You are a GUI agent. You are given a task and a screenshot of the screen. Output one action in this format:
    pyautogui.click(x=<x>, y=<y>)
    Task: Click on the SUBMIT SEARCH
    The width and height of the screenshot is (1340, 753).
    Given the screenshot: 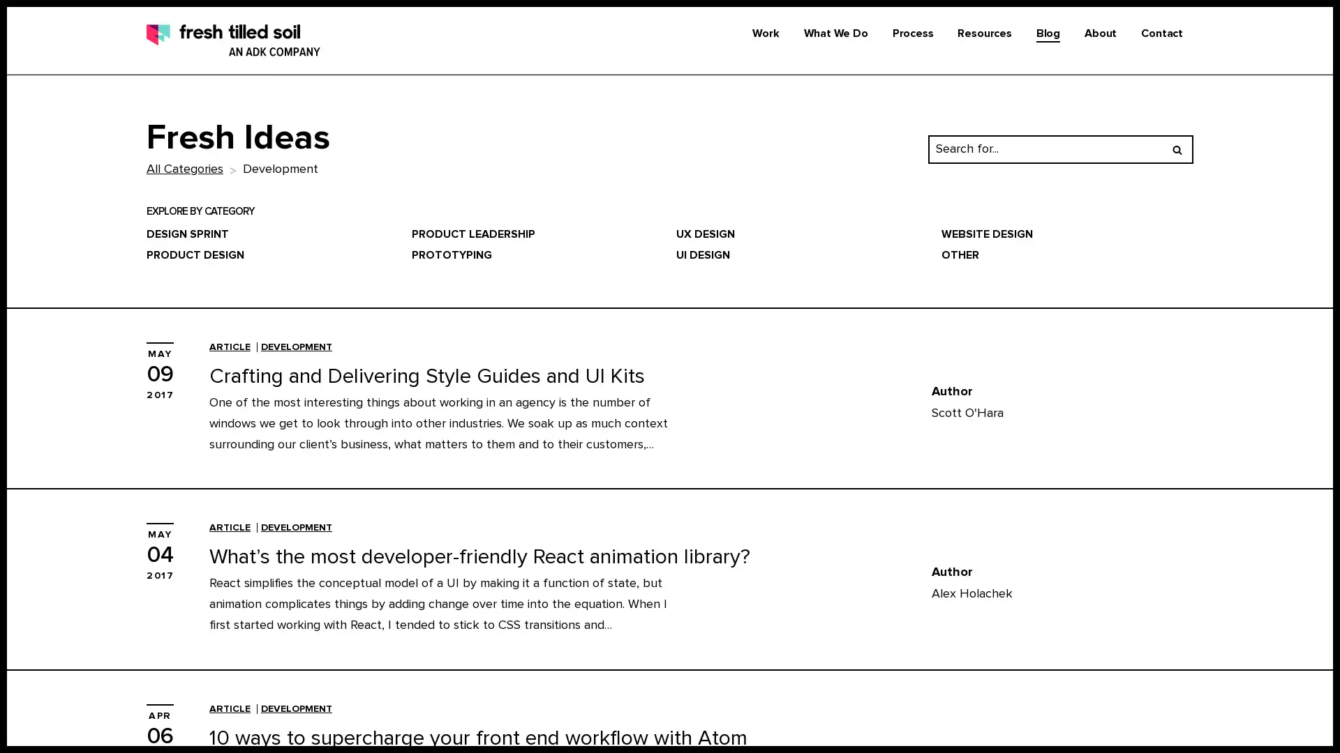 What is the action you would take?
    pyautogui.click(x=1176, y=148)
    